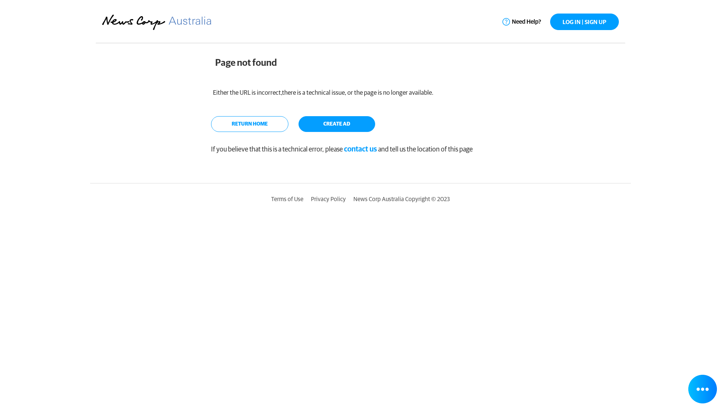  I want to click on 'Terms of Use', so click(287, 198).